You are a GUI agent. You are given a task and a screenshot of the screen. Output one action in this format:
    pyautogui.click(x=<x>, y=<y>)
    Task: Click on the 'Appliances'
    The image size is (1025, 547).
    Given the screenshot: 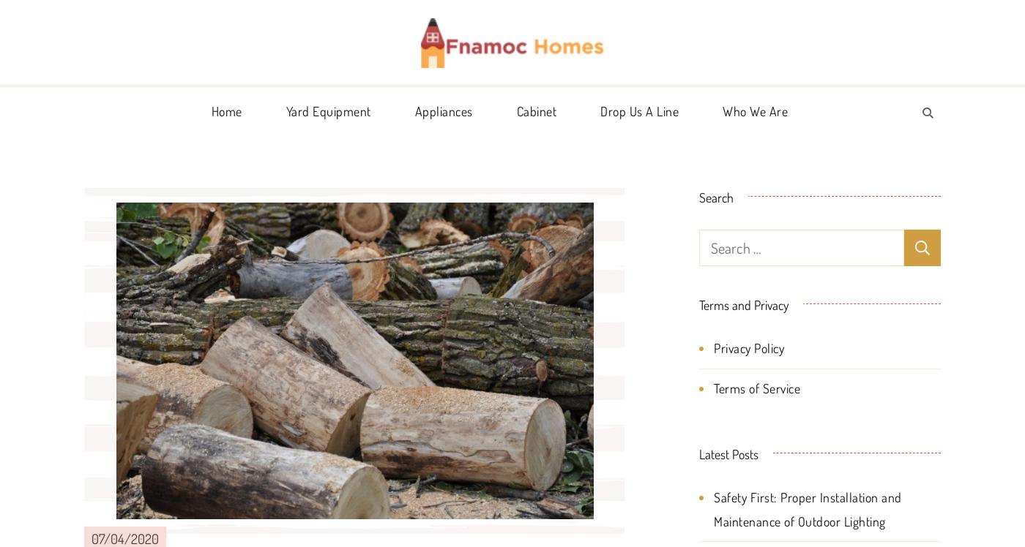 What is the action you would take?
    pyautogui.click(x=443, y=110)
    